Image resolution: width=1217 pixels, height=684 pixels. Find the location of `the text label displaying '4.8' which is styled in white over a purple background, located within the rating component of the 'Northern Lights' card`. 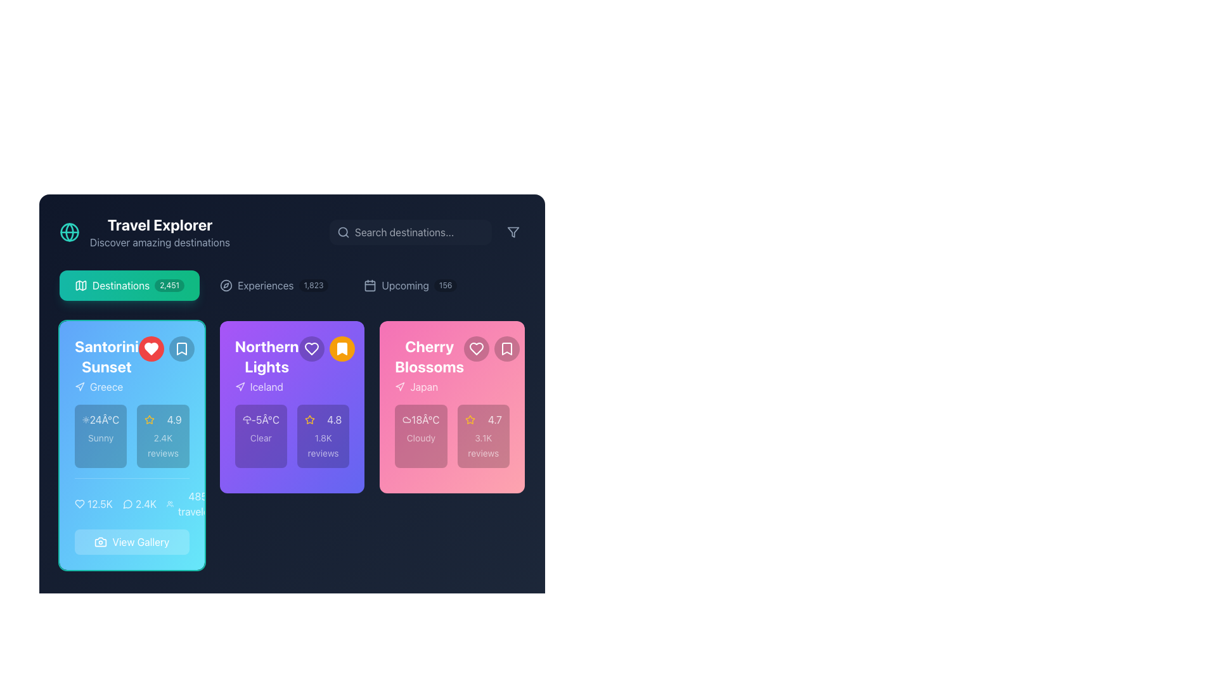

the text label displaying '4.8' which is styled in white over a purple background, located within the rating component of the 'Northern Lights' card is located at coordinates (334, 420).